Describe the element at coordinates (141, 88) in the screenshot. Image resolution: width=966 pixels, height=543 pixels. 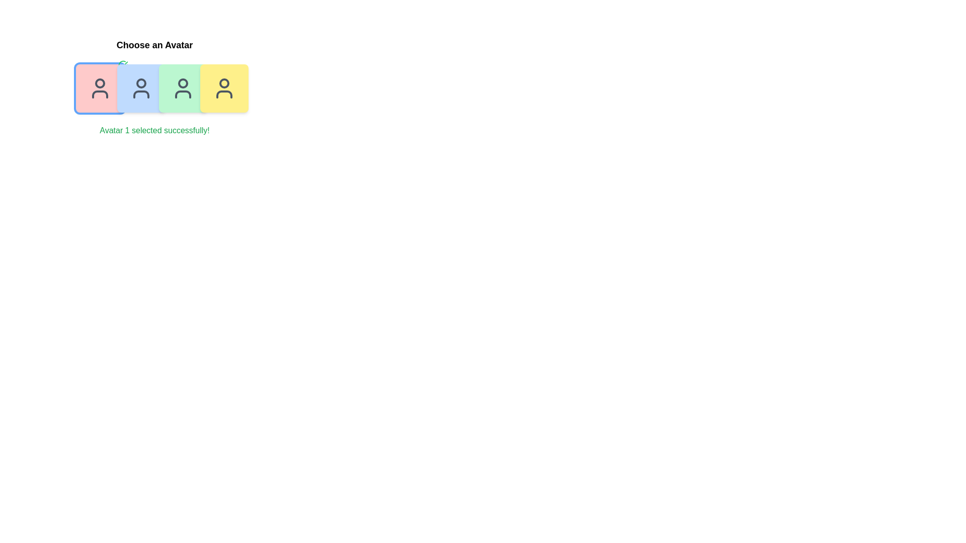
I see `the selectable tile for avatar representation, which is a light blue square tile with rounded corners and a gray outlined avatar icon at its center` at that location.